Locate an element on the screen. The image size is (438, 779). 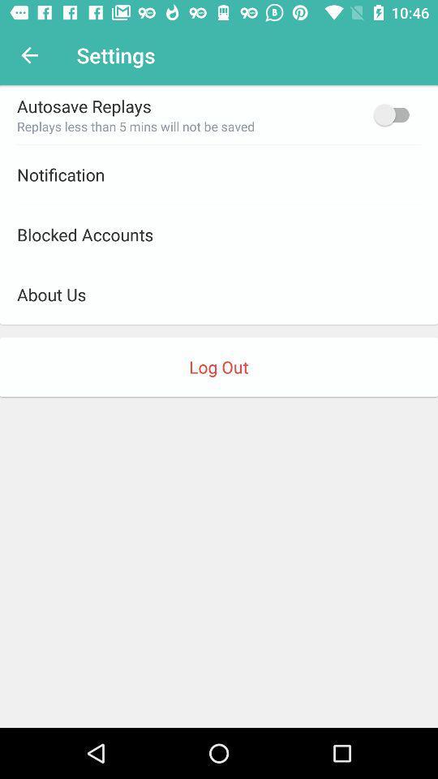
the icon next to settings icon is located at coordinates (29, 55).